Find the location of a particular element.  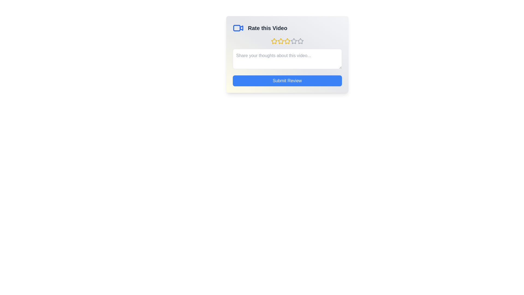

the rating to 1 stars by clicking on the respective star is located at coordinates (274, 41).